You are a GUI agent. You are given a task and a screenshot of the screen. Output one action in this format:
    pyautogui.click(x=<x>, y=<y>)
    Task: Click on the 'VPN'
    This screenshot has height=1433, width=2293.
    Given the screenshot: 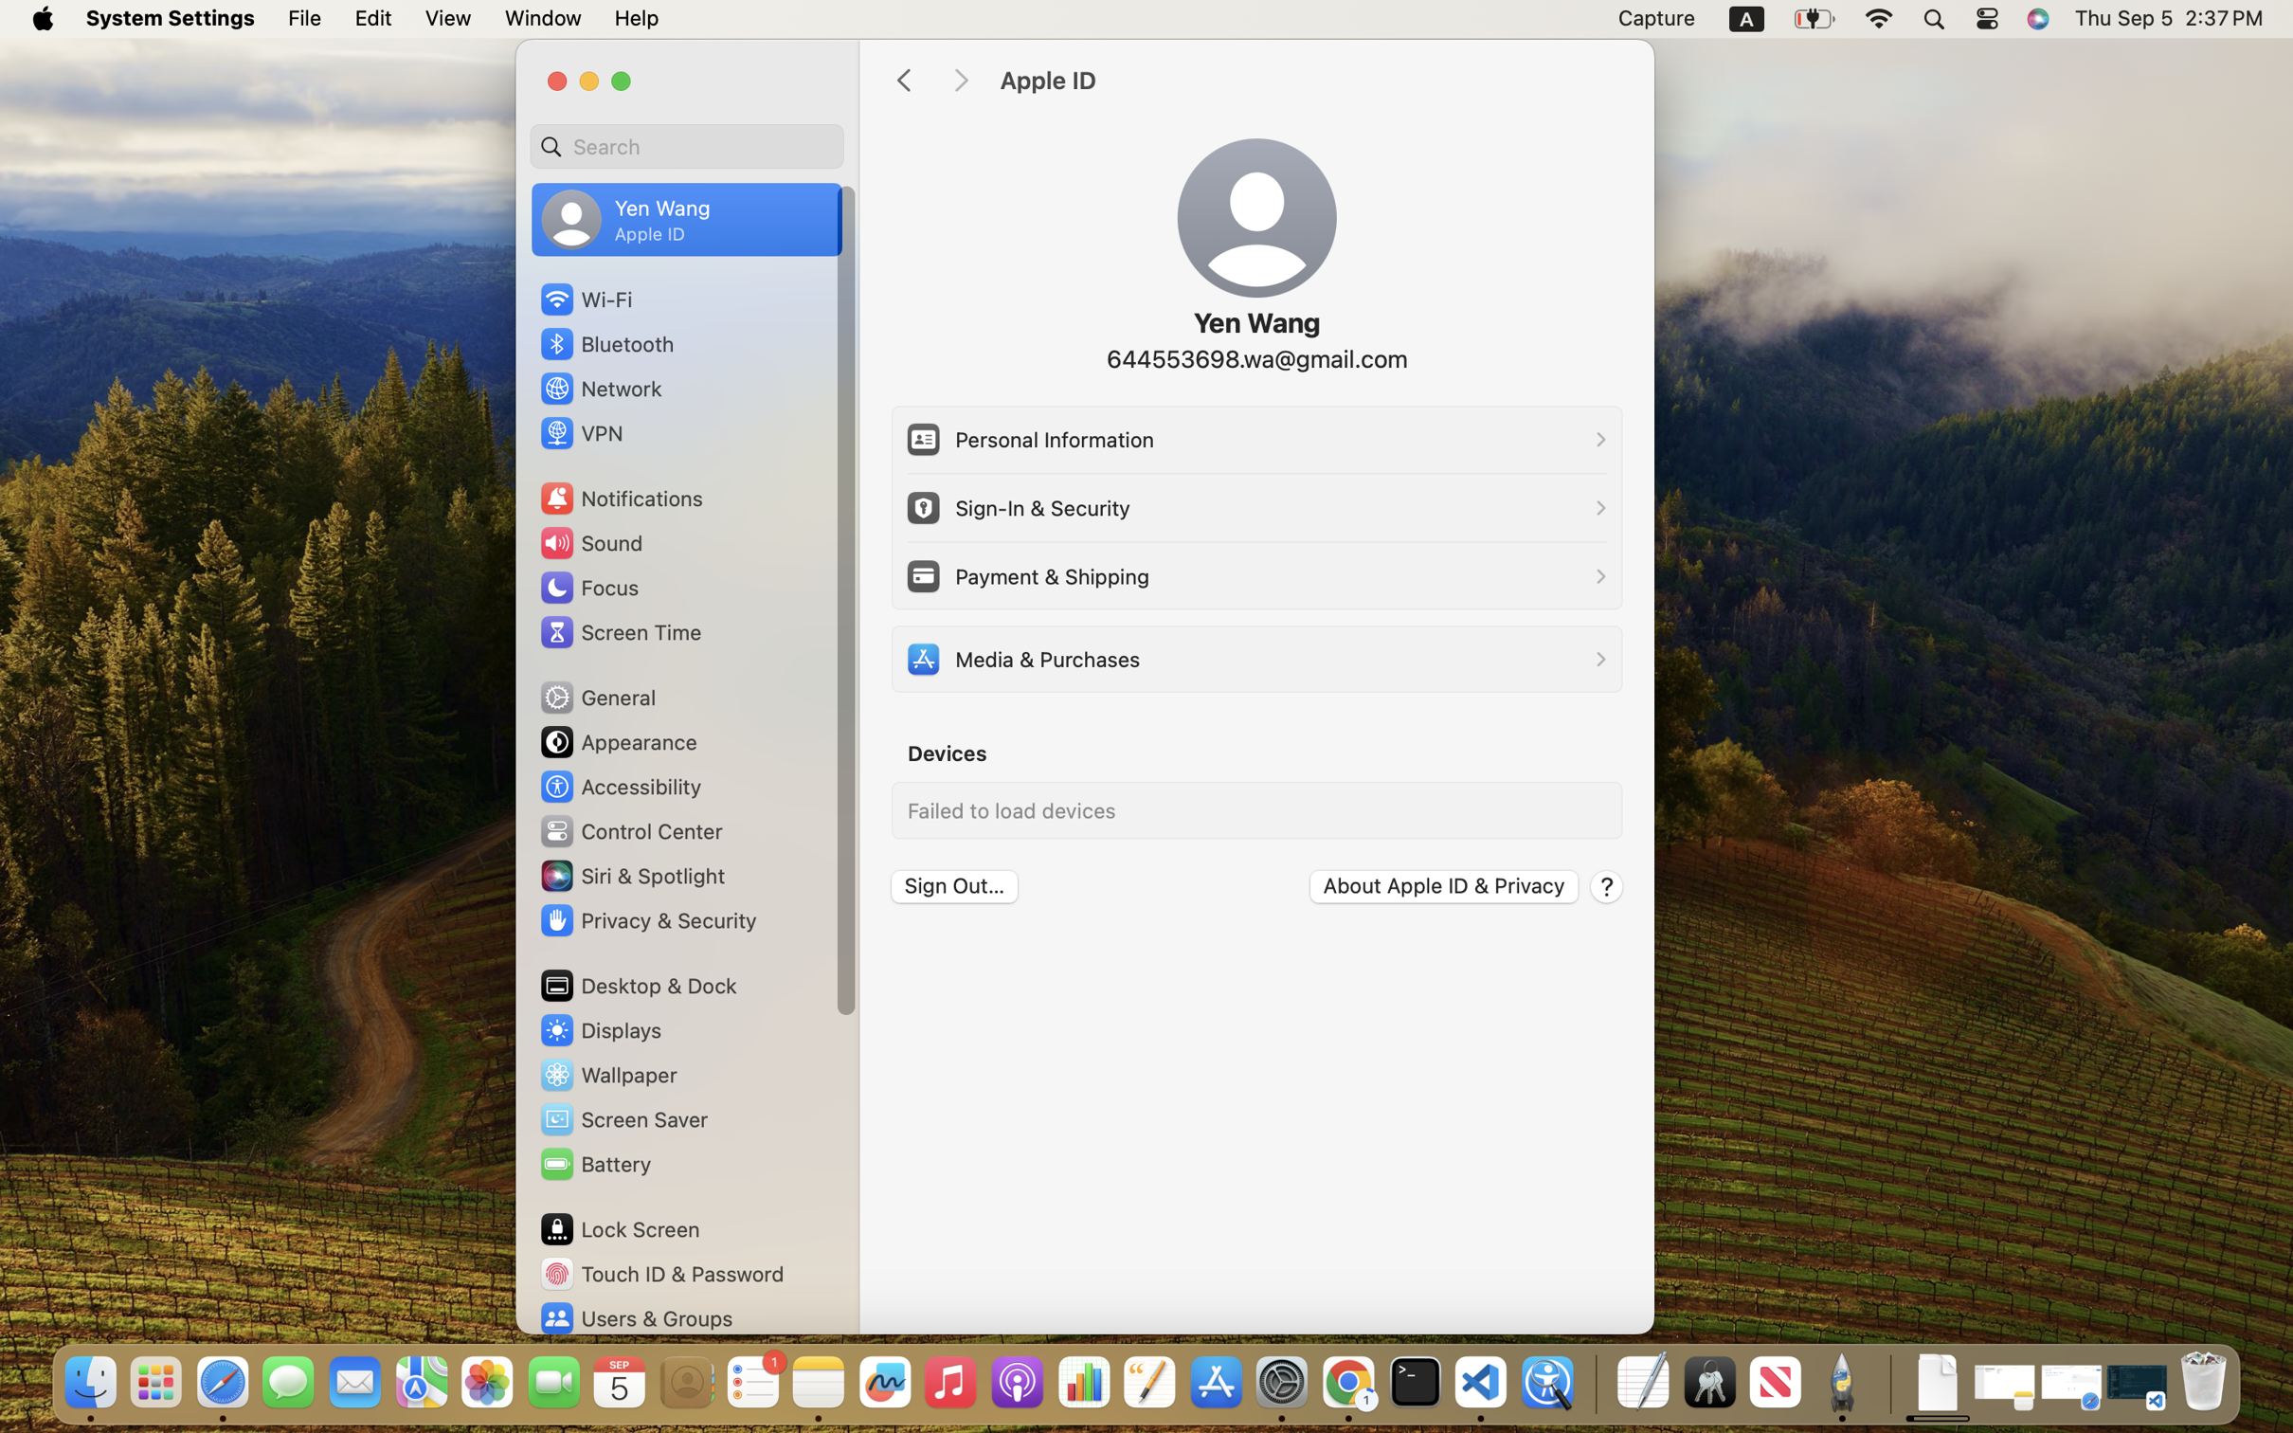 What is the action you would take?
    pyautogui.click(x=580, y=432)
    